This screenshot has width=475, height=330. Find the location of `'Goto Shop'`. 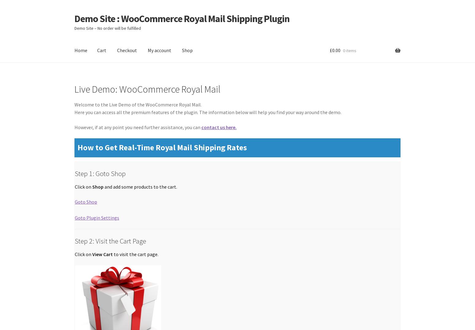

'Goto Shop' is located at coordinates (86, 201).